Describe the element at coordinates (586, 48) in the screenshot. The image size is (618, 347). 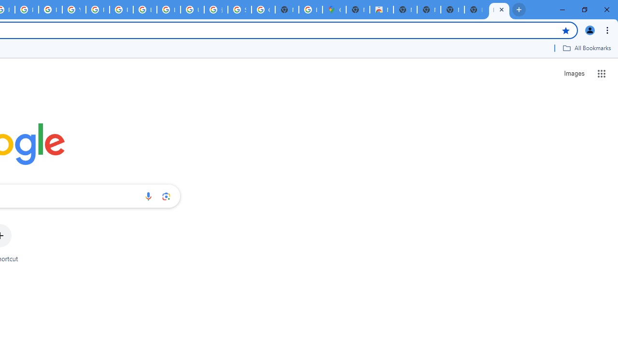
I see `'All Bookmarks'` at that location.